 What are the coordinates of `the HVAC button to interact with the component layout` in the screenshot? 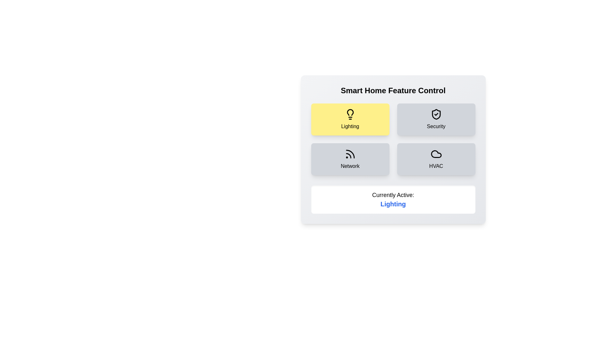 It's located at (436, 159).